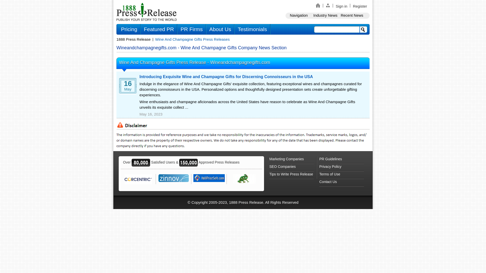 Image resolution: width=486 pixels, height=273 pixels. Describe the element at coordinates (269, 168) in the screenshot. I see `'SEO Companies'` at that location.